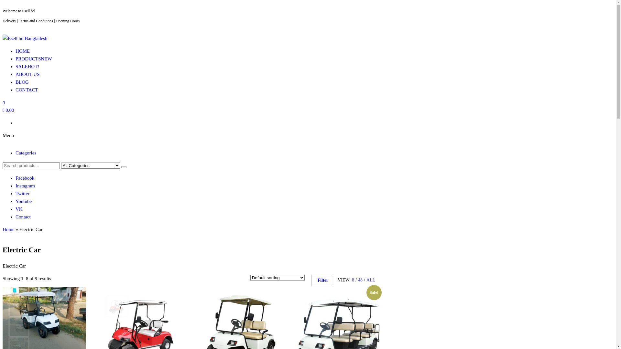 Image resolution: width=621 pixels, height=349 pixels. Describe the element at coordinates (27, 66) in the screenshot. I see `'SALEHOT!'` at that location.